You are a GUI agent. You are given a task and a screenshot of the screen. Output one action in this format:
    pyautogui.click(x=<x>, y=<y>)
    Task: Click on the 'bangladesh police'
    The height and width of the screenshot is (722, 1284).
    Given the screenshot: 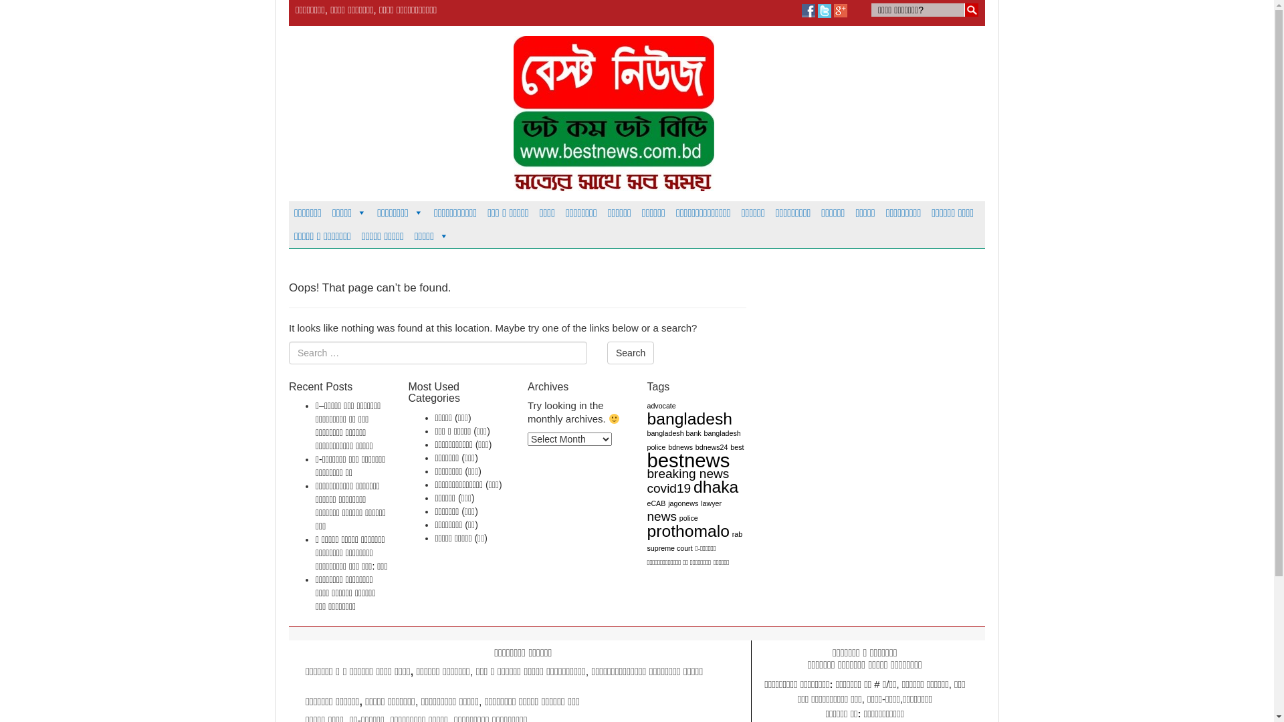 What is the action you would take?
    pyautogui.click(x=693, y=440)
    